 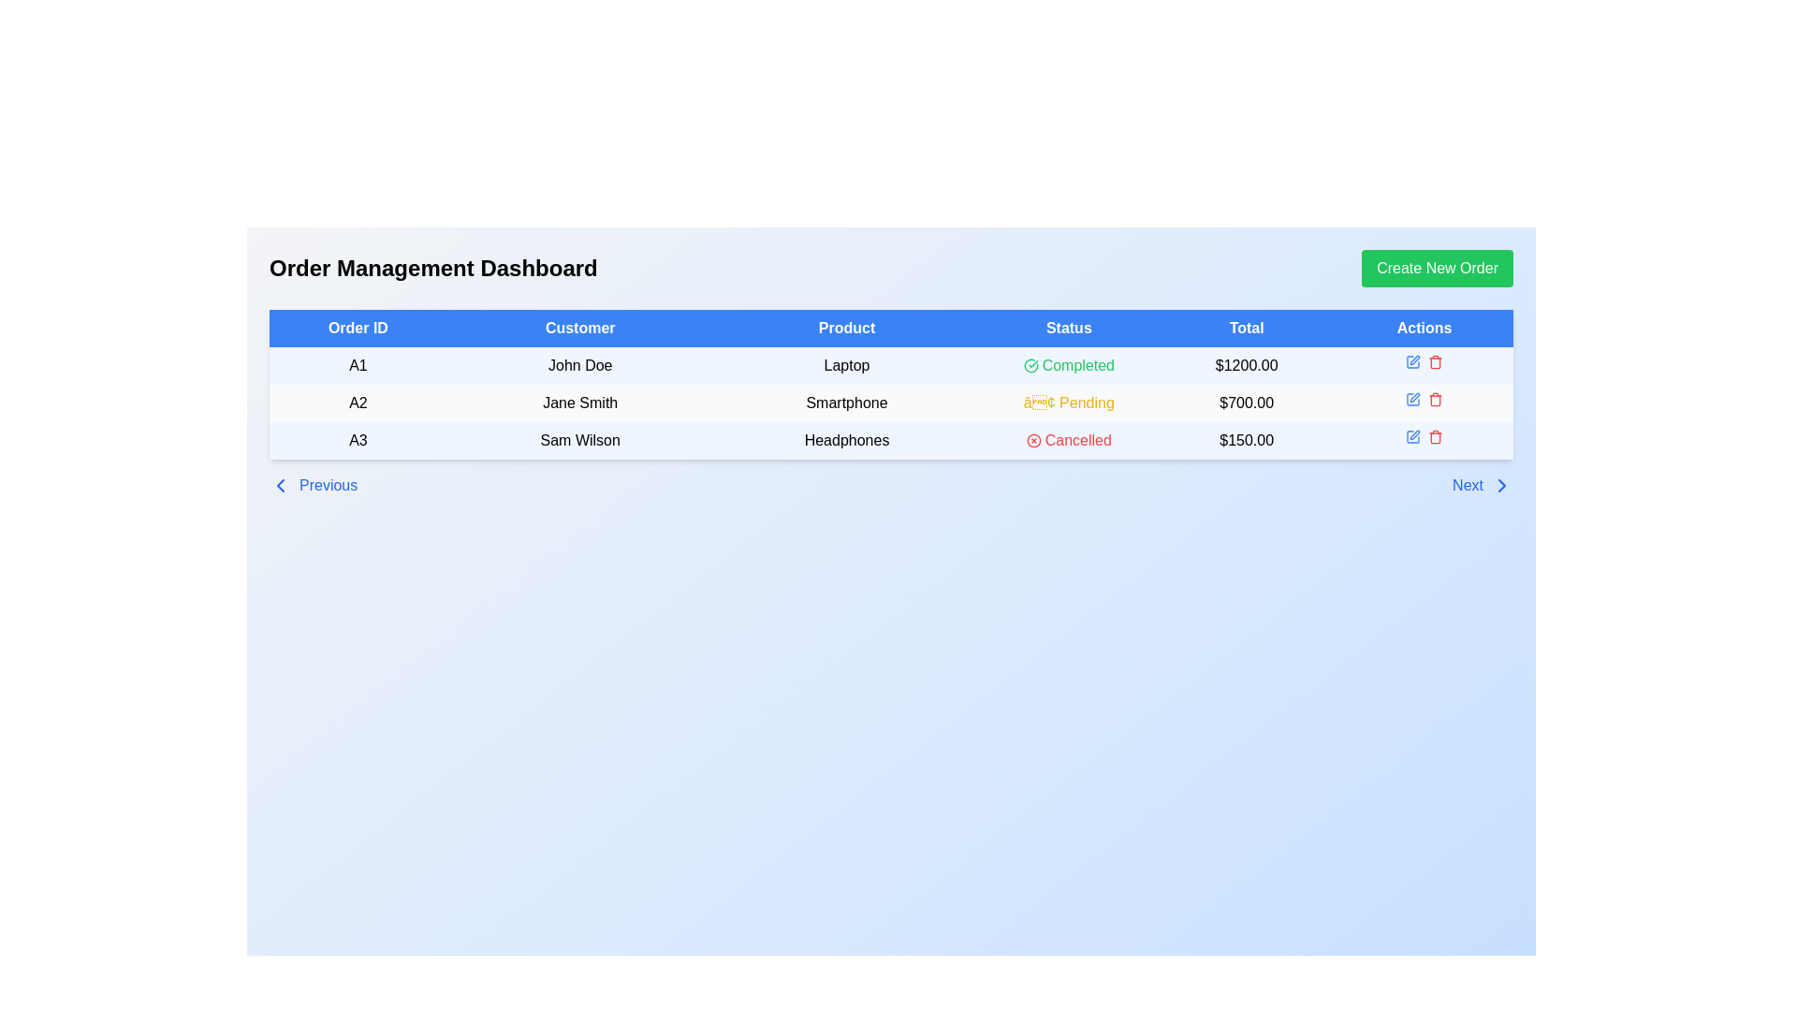 What do you see at coordinates (579, 328) in the screenshot?
I see `the 'Customer' column header in the data table, which is the second column header located between 'Order ID' and 'Product' in the top blue row` at bounding box center [579, 328].